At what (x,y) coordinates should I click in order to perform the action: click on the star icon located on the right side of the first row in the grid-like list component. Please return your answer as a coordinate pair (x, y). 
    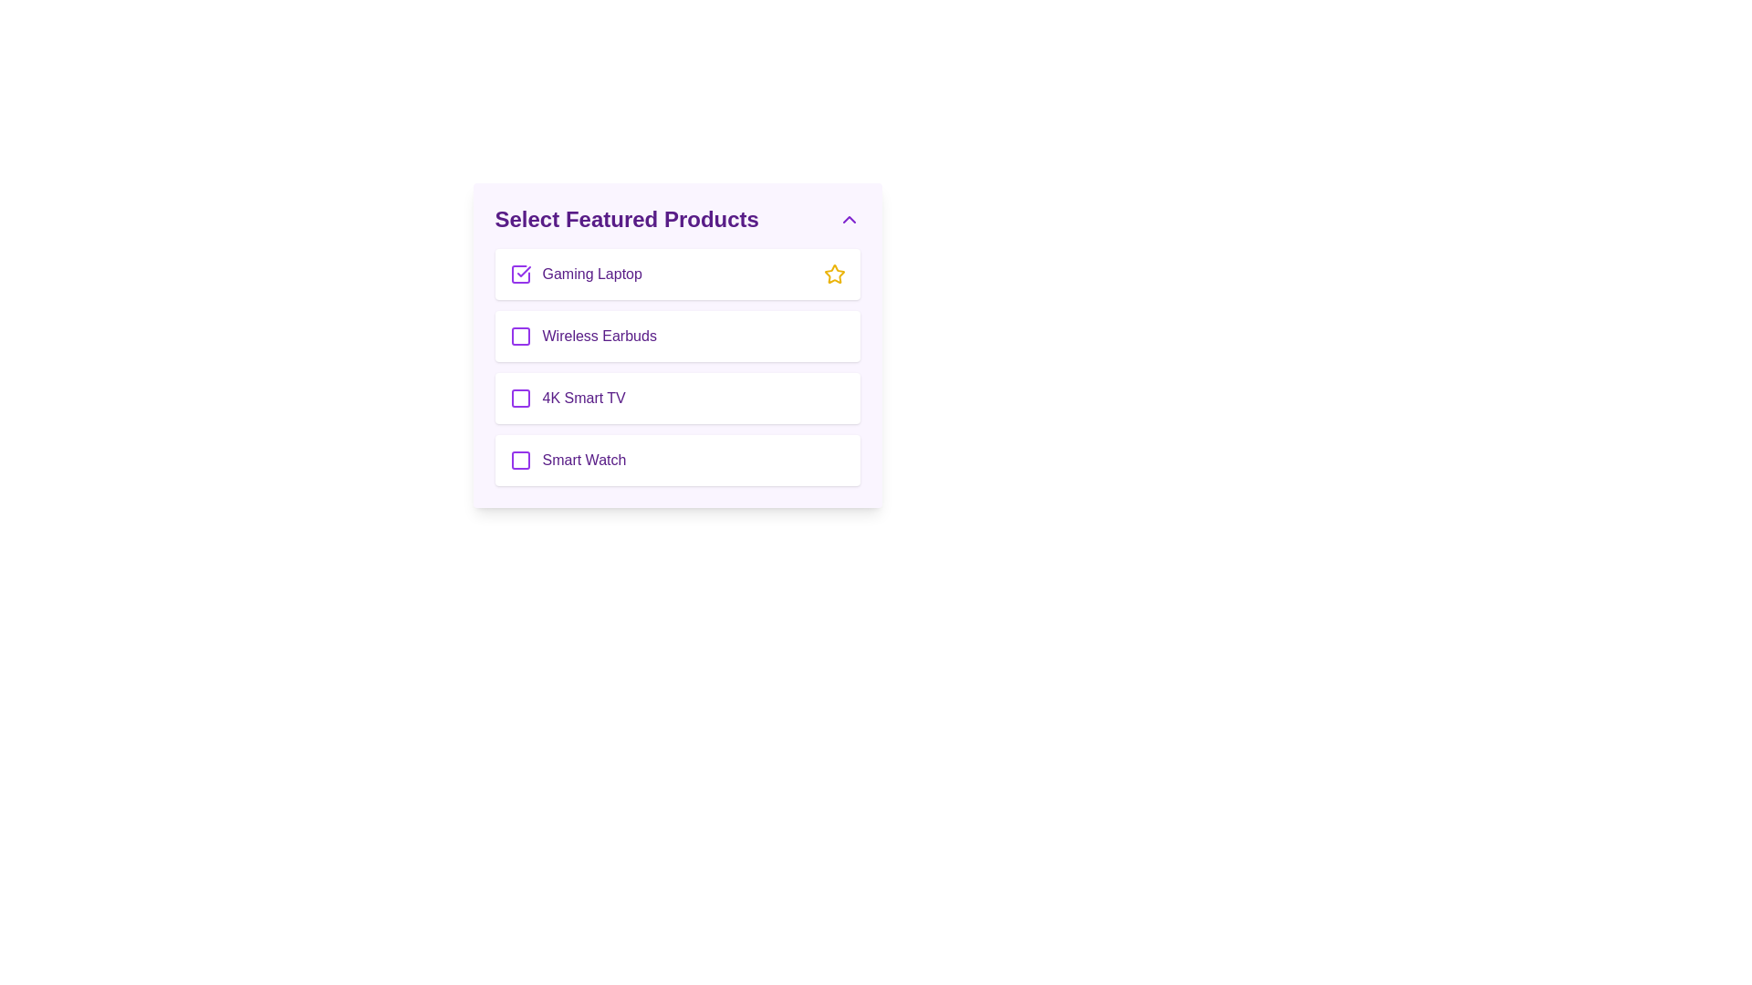
    Looking at the image, I should click on (833, 274).